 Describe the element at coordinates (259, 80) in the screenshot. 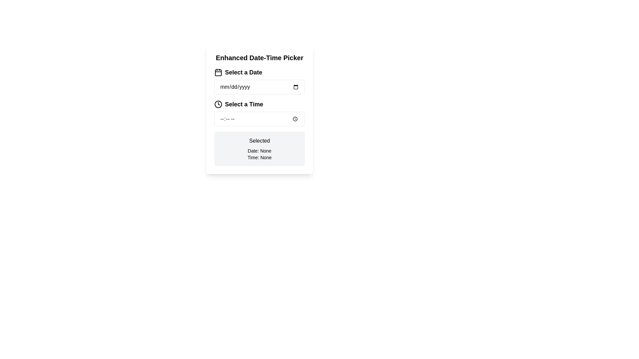

I see `a date from the calendar by clicking on the Date input field located below the 'Select a Date' label in the 'Enhanced Date-Time Picker' card` at that location.